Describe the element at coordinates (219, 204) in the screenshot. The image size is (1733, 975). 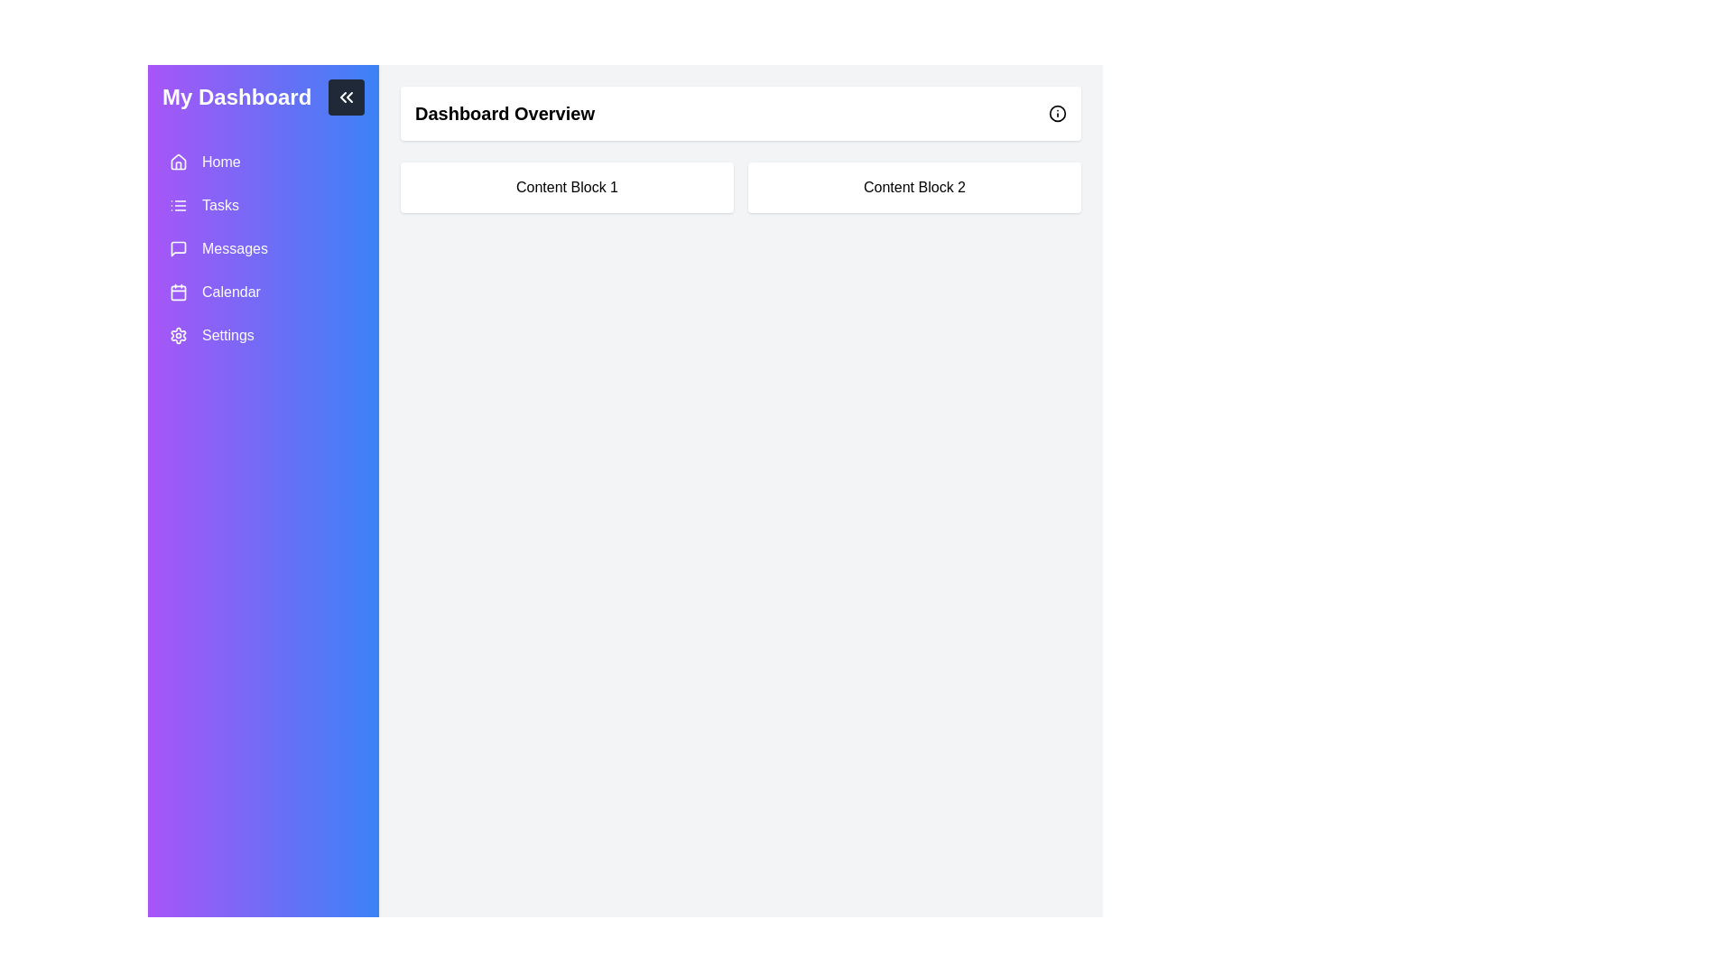
I see `the 'Tasks' text label in the navigation menu` at that location.